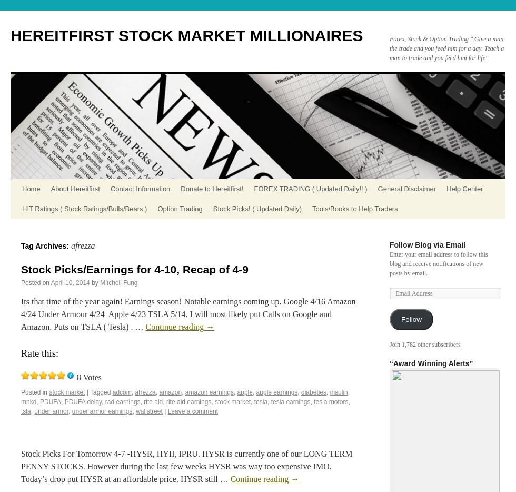  I want to click on '“Award Winning Alerts”', so click(389, 363).